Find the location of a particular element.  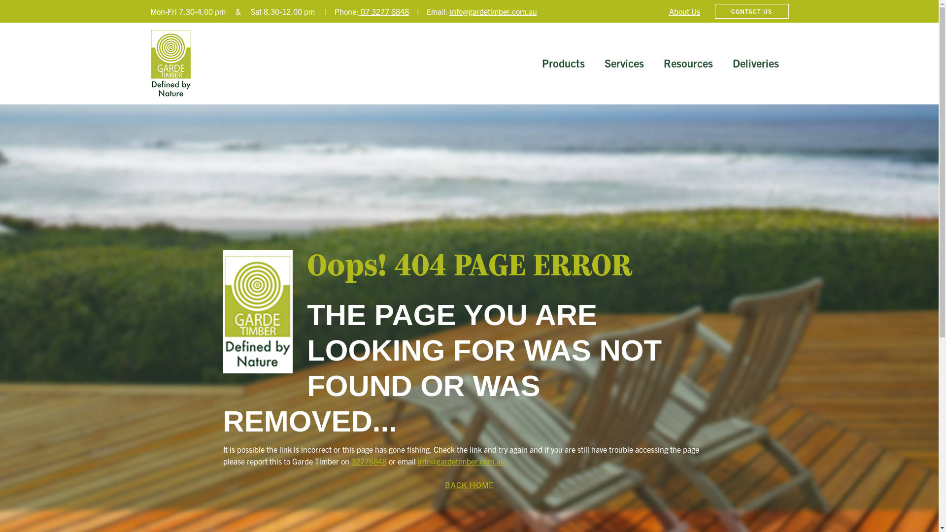

'32776848' is located at coordinates (368, 461).